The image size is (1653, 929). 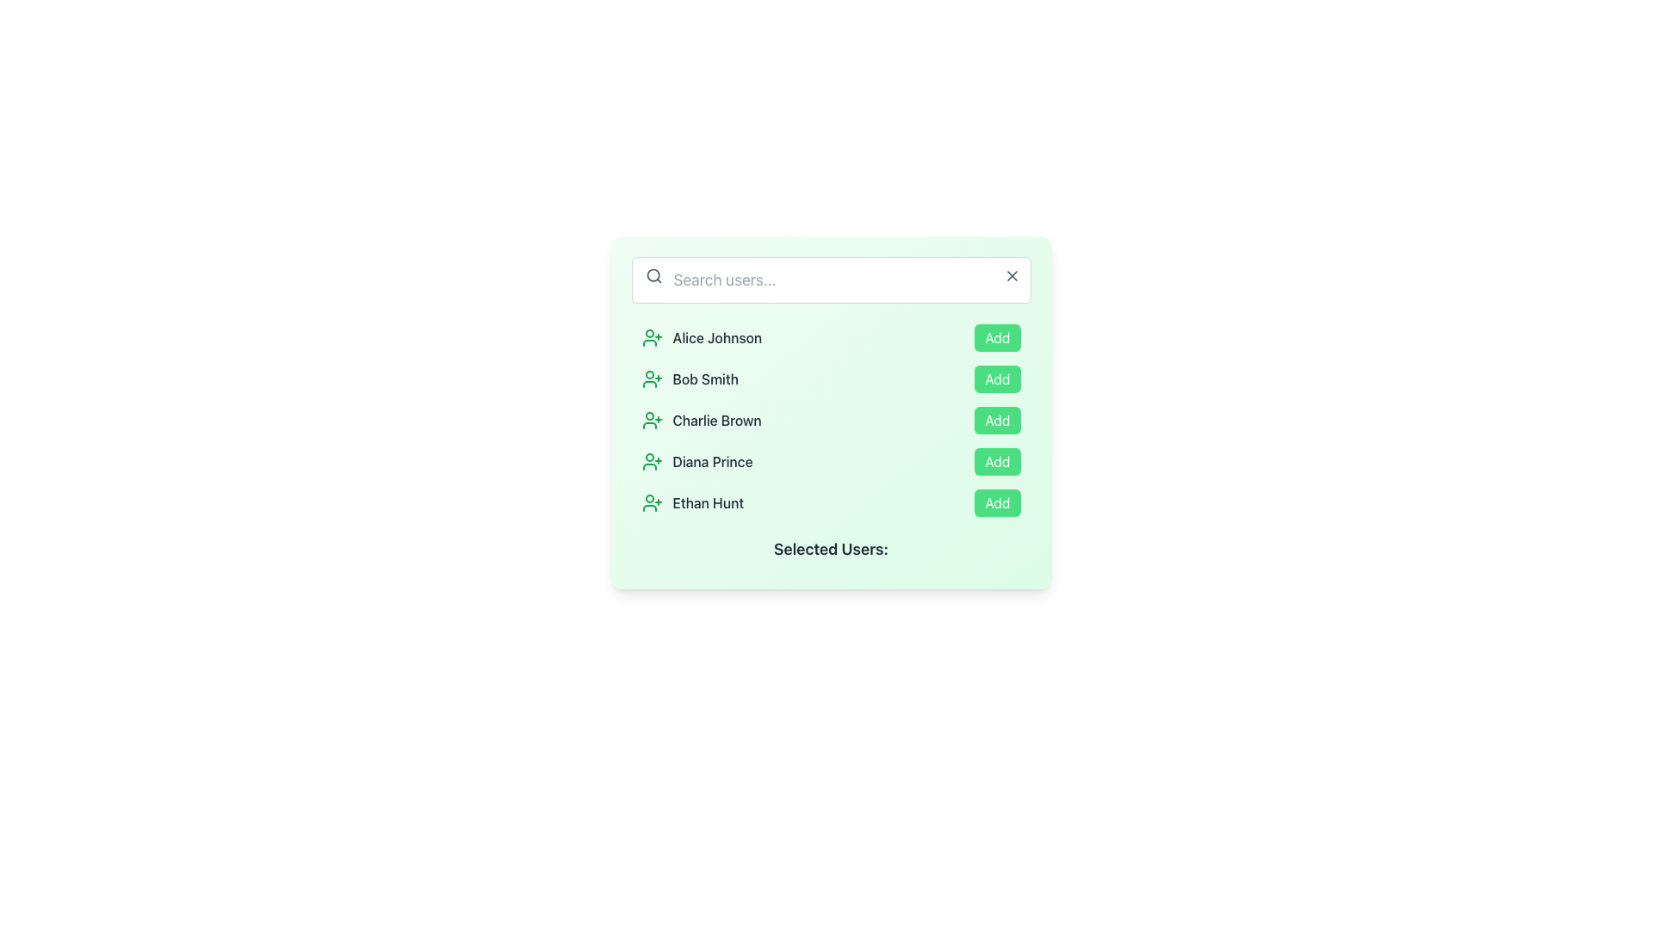 What do you see at coordinates (713, 460) in the screenshot?
I see `the text element displaying the user's name 'Diana Prince', which is the fourth item in the user list` at bounding box center [713, 460].